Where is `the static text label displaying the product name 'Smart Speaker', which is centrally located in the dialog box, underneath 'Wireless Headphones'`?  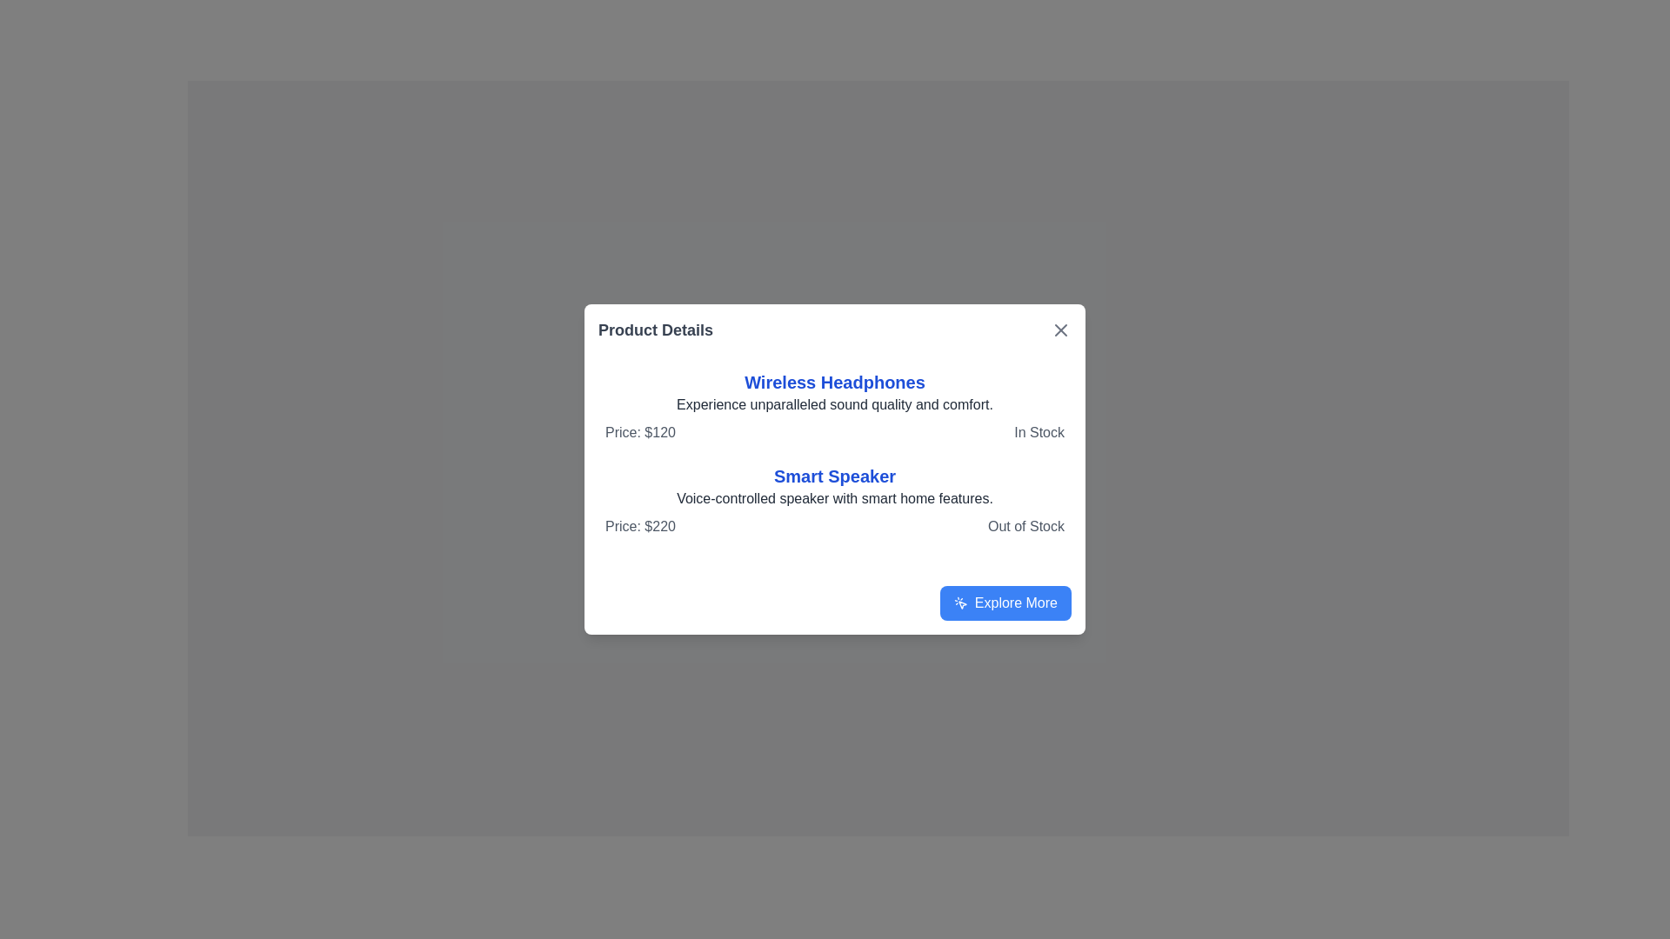
the static text label displaying the product name 'Smart Speaker', which is centrally located in the dialog box, underneath 'Wireless Headphones' is located at coordinates (835, 476).